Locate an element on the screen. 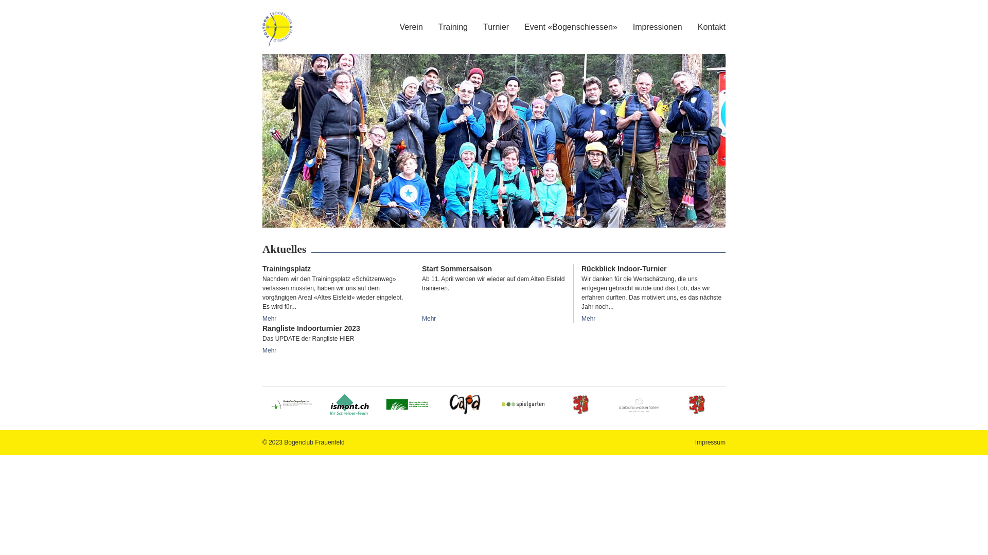  'Verein' is located at coordinates (410, 26).